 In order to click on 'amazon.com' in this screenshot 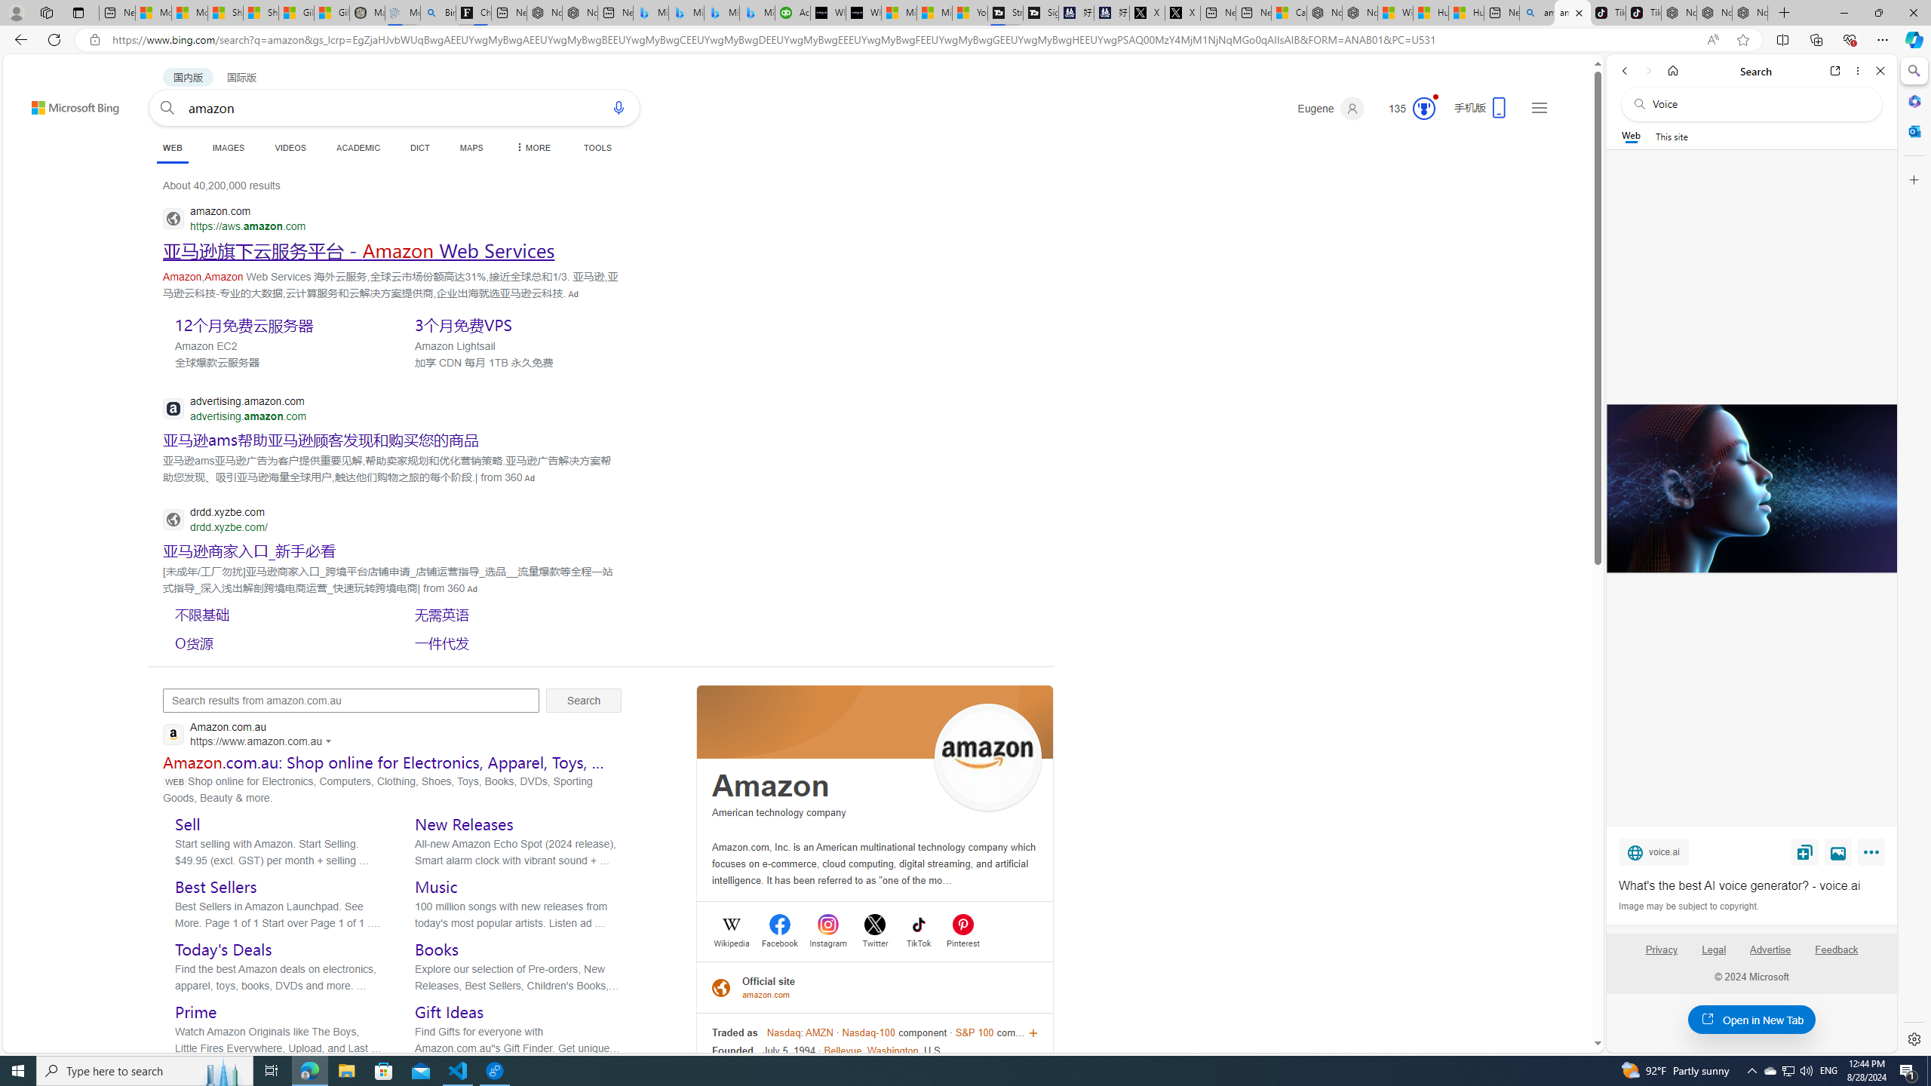, I will do `click(768, 994)`.